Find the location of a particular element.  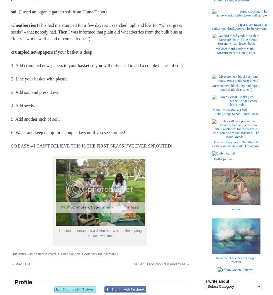

'if your basket is deep' is located at coordinates (72, 52).